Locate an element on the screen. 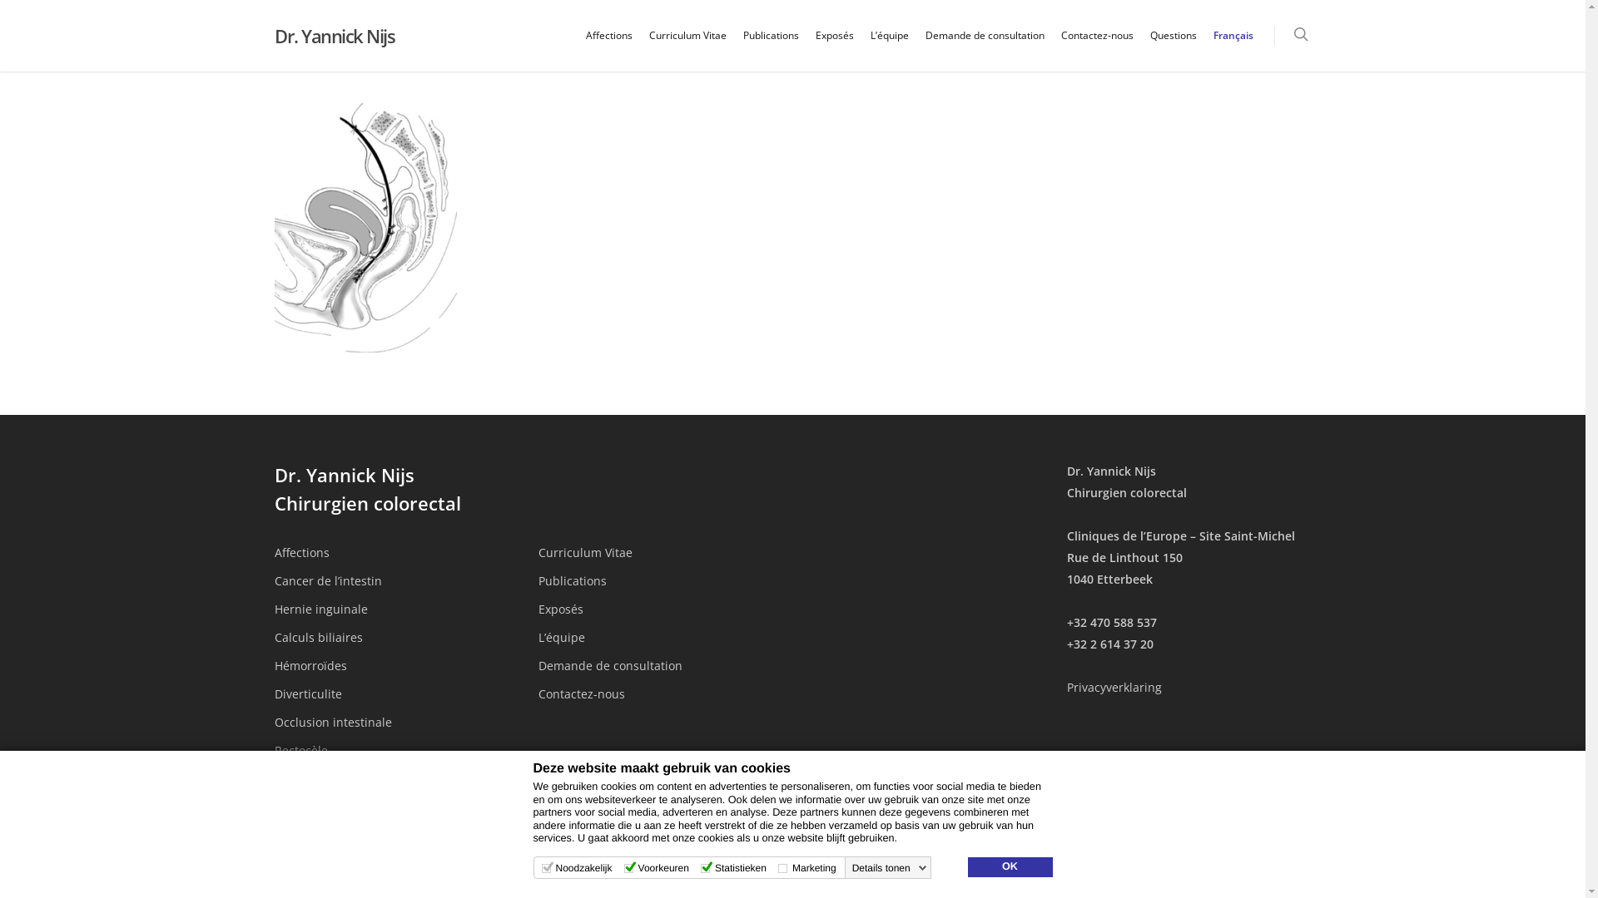 The height and width of the screenshot is (898, 1598). 'Diverticulite' is located at coordinates (275, 693).